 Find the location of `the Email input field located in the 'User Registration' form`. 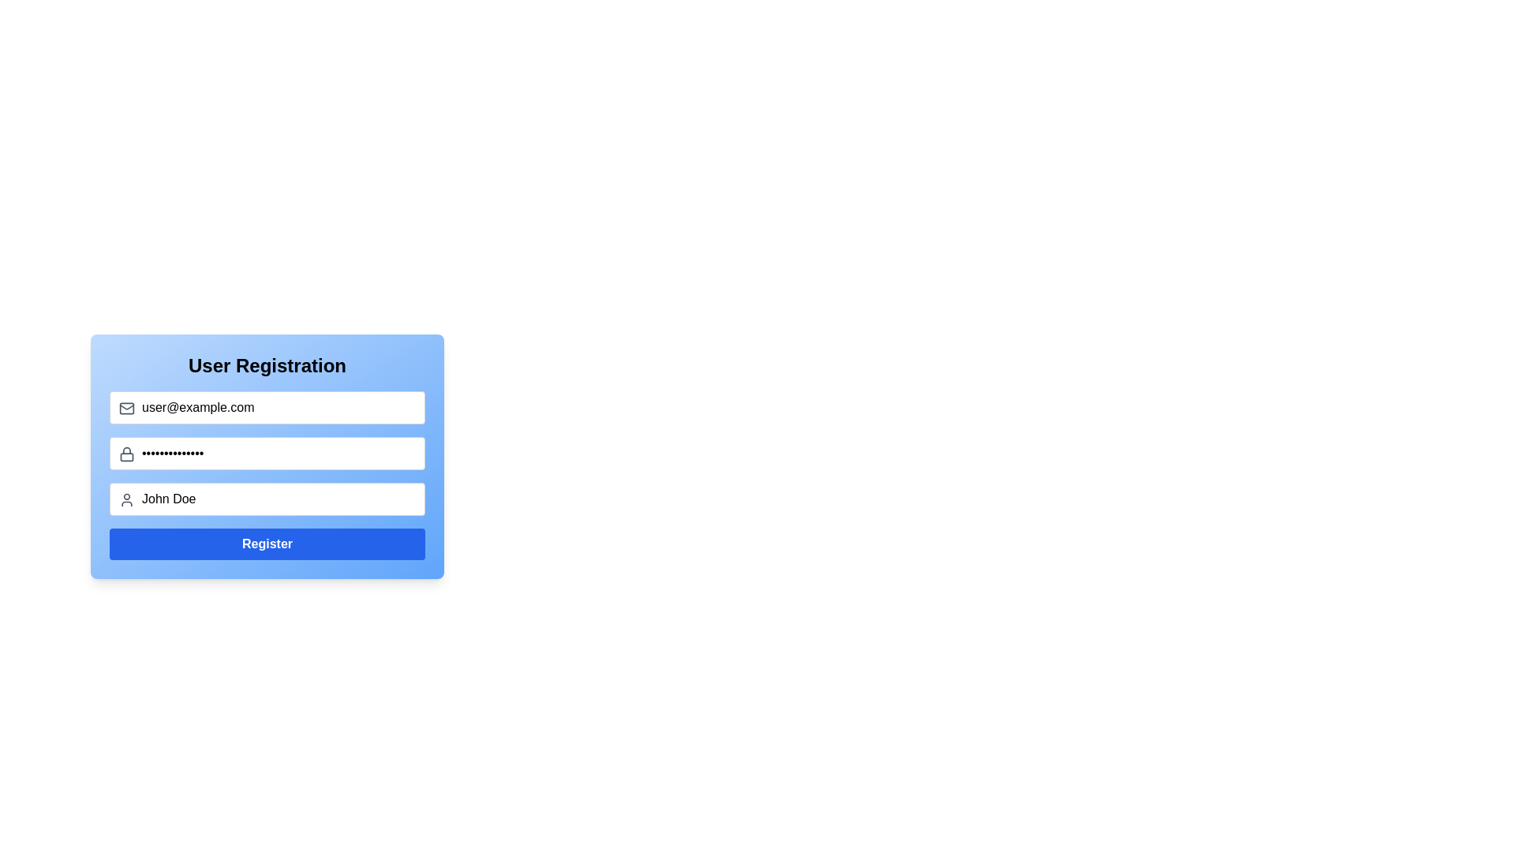

the Email input field located in the 'User Registration' form is located at coordinates (267, 406).